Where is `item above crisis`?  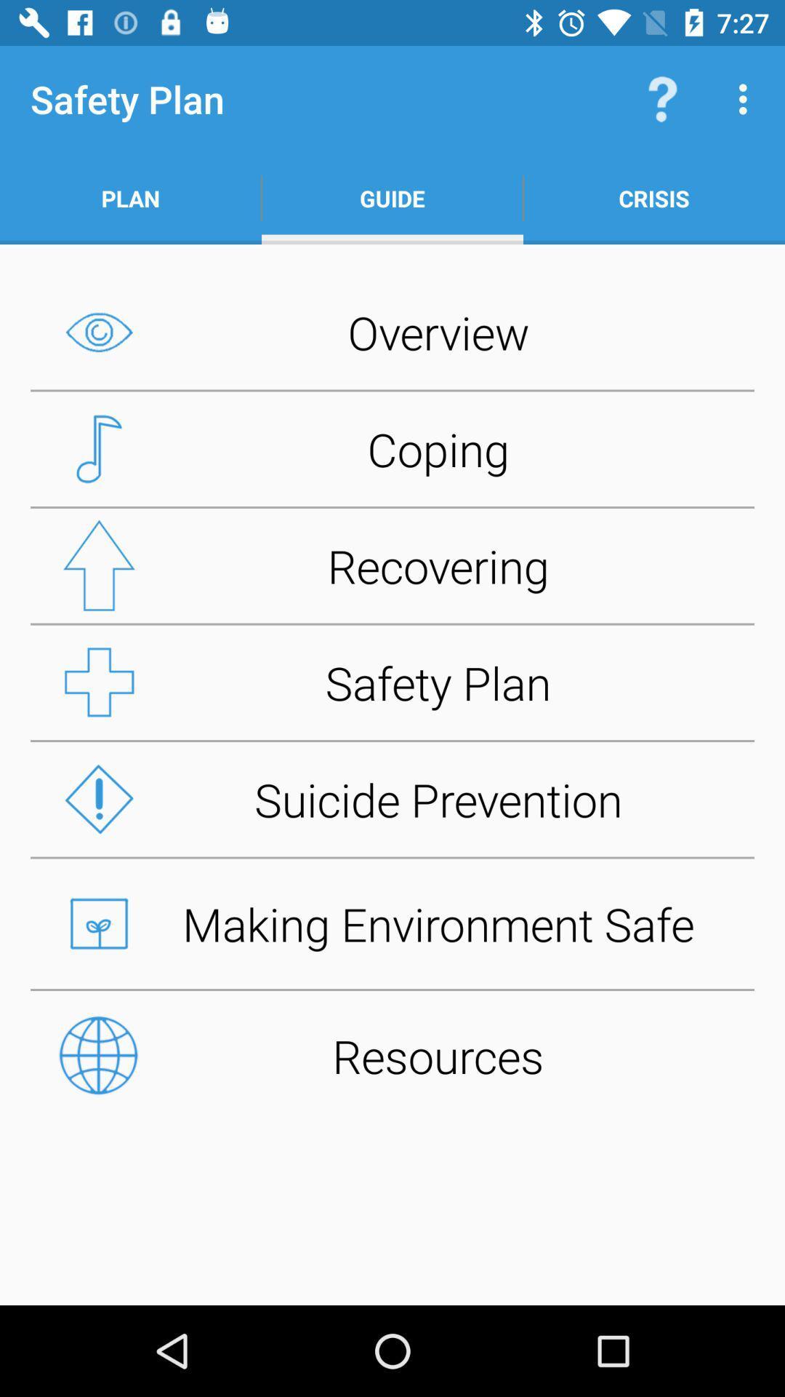
item above crisis is located at coordinates (746, 98).